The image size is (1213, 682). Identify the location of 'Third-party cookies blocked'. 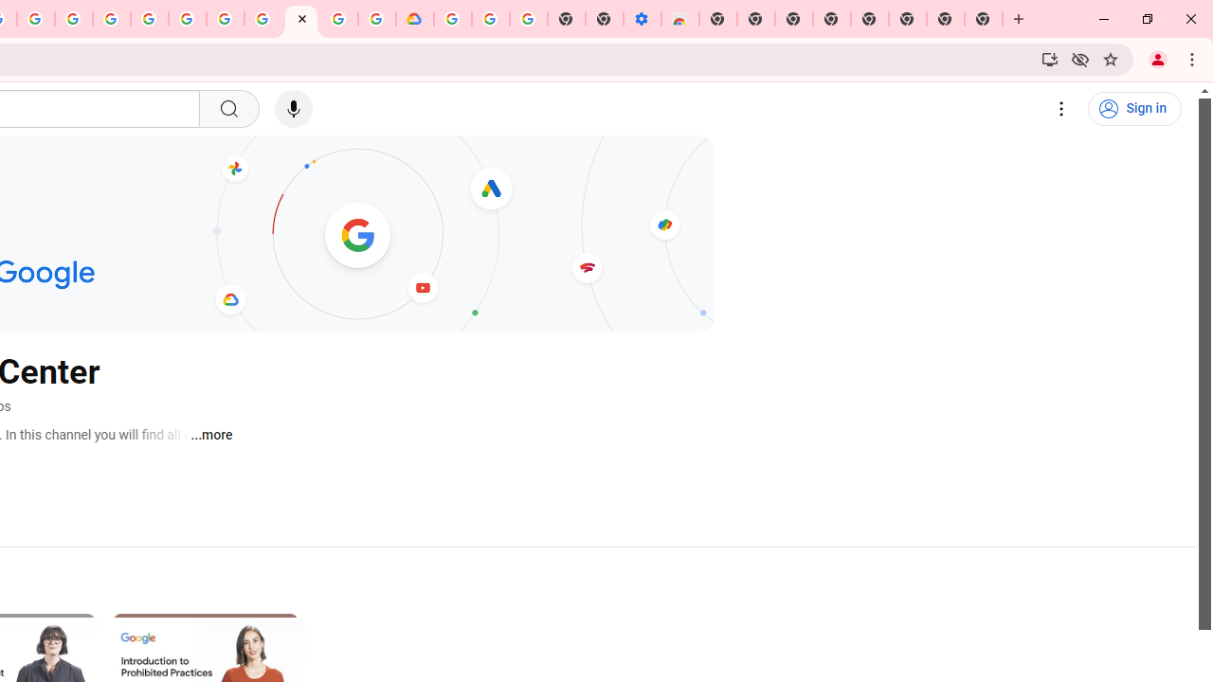
(1079, 58).